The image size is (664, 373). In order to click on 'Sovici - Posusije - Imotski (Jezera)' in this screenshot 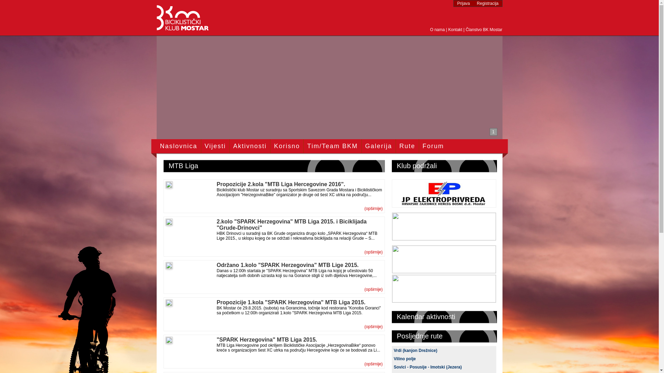, I will do `click(427, 367)`.